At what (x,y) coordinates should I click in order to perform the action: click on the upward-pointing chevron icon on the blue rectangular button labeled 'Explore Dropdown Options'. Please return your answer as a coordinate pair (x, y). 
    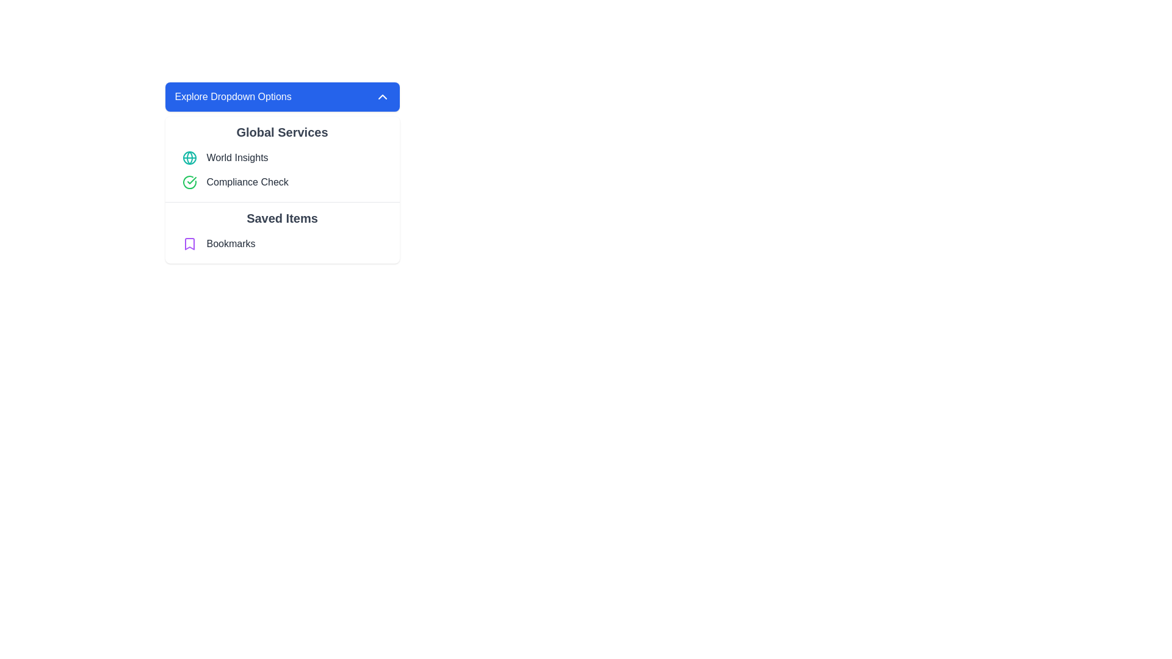
    Looking at the image, I should click on (382, 96).